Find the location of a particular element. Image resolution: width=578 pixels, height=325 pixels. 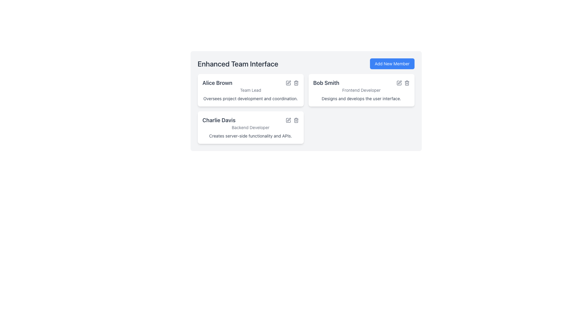

name of the person displayed as the first visible text in the leftmost card under the title 'Enhanced Team Interface' is located at coordinates (217, 83).